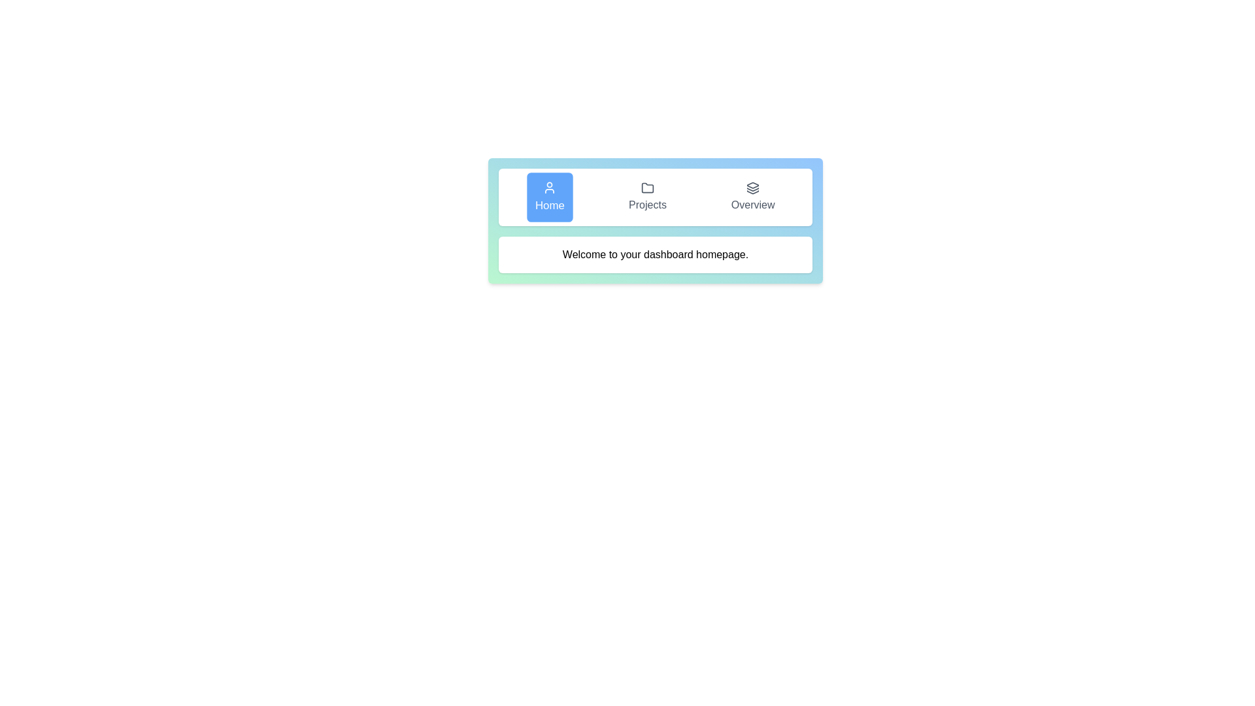 The width and height of the screenshot is (1255, 706). I want to click on the 'Overview' button, which is the third button in a horizontal menu styled with a vertical layout and an icon of stacked layers above the label, so click(753, 197).